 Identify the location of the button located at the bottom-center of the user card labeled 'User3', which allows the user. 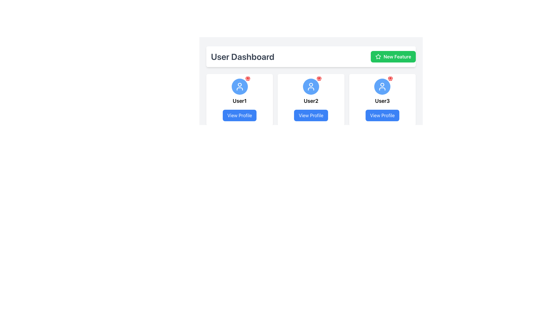
(382, 115).